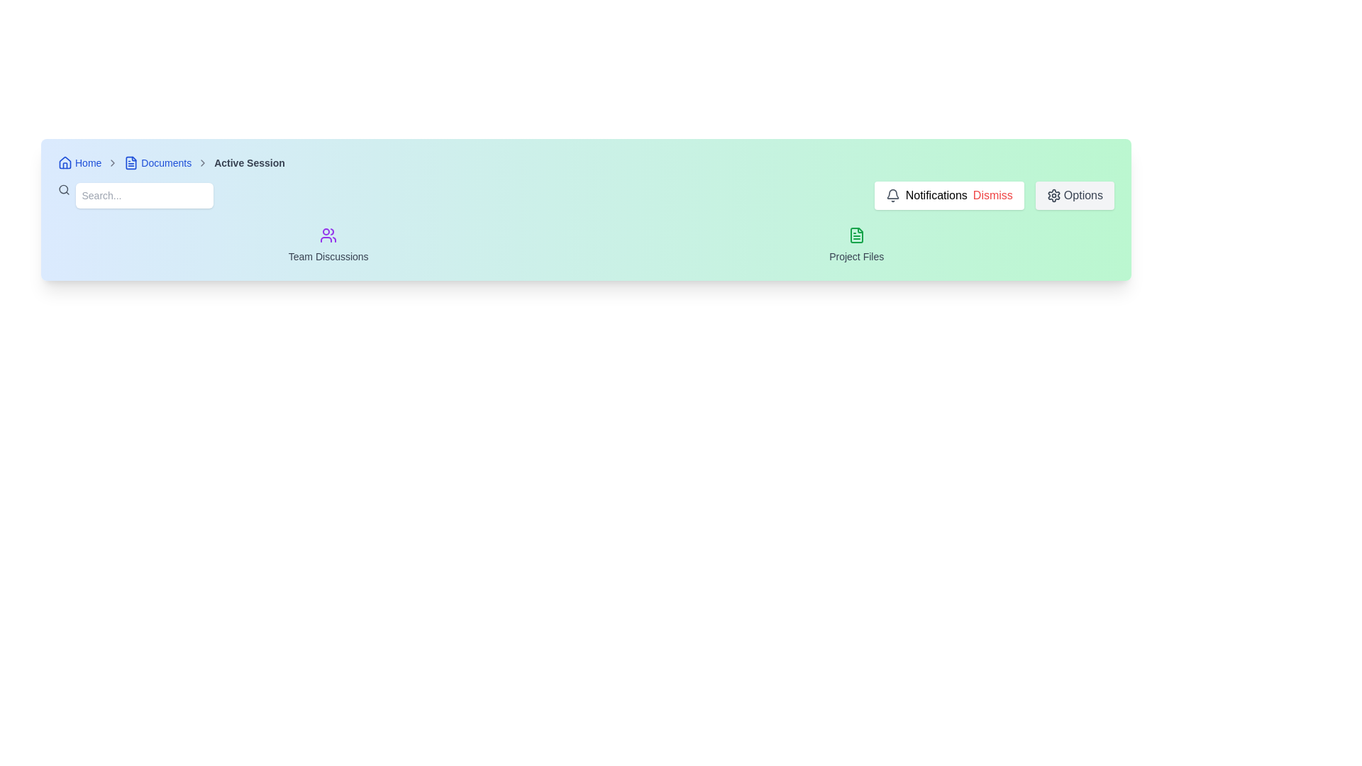 The width and height of the screenshot is (1362, 766). What do you see at coordinates (328, 245) in the screenshot?
I see `the navigation button with an icon and text` at bounding box center [328, 245].